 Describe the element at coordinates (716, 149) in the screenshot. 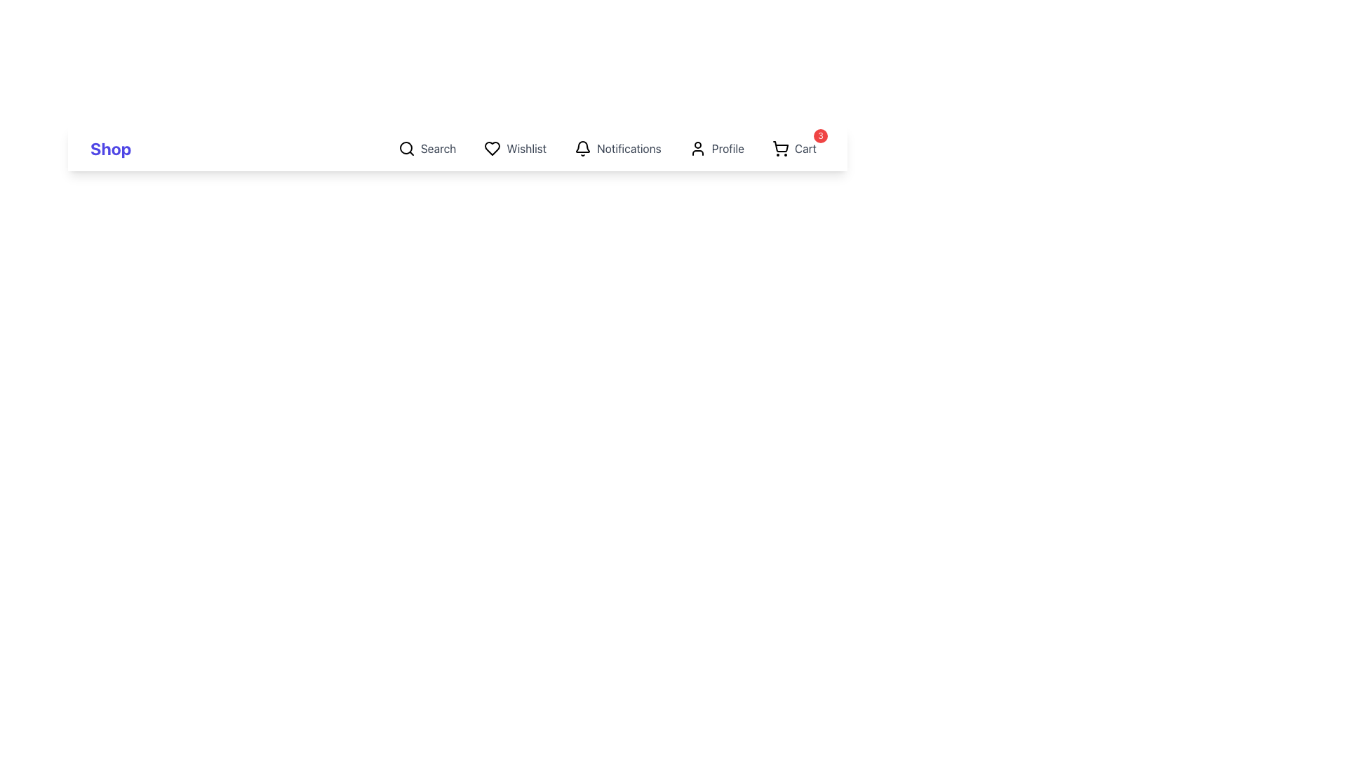

I see `the fifth button in the navigation bar` at that location.